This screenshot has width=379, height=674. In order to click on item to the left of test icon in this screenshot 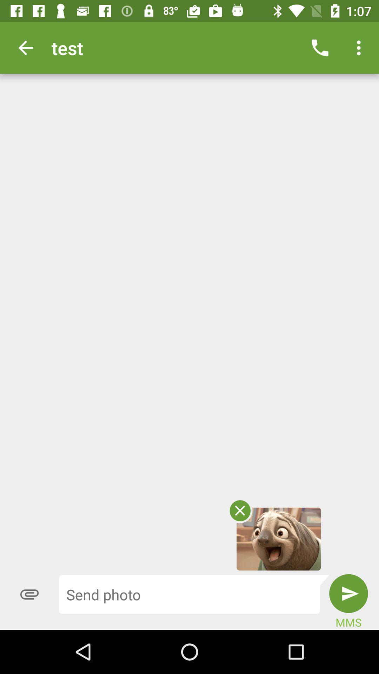, I will do `click(25, 47)`.